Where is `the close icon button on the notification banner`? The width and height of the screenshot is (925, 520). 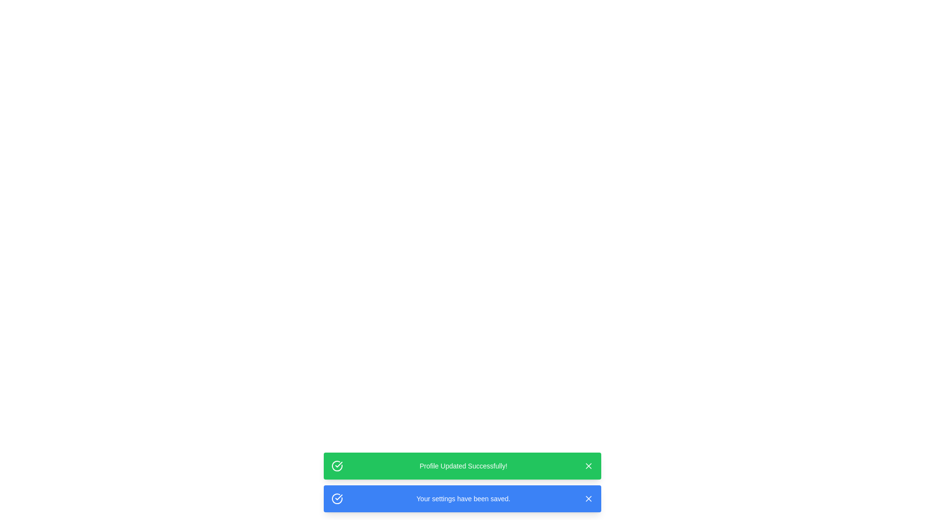
the close icon button on the notification banner is located at coordinates (588, 466).